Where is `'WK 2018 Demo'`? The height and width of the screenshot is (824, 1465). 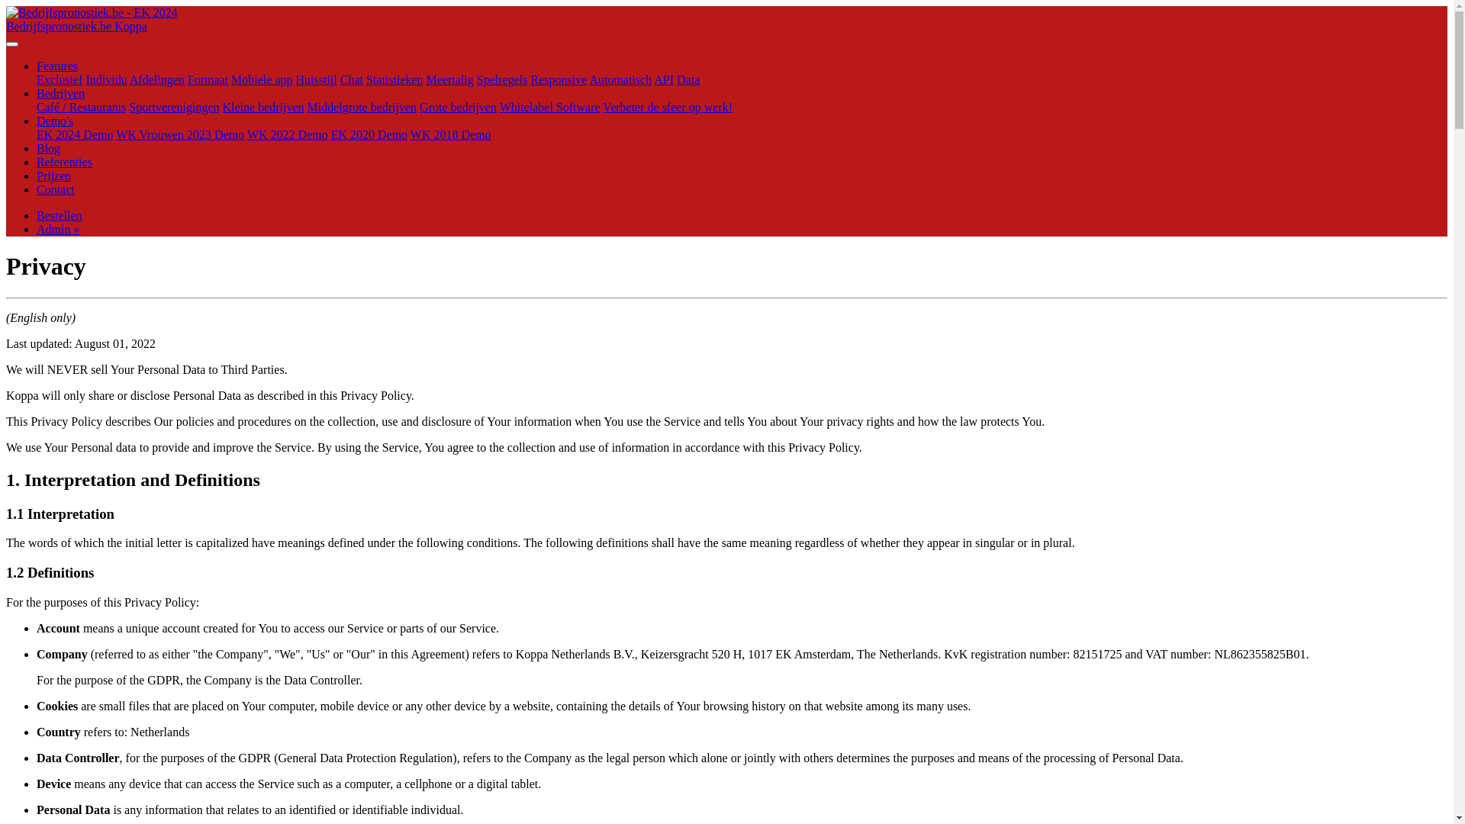 'WK 2018 Demo' is located at coordinates (449, 134).